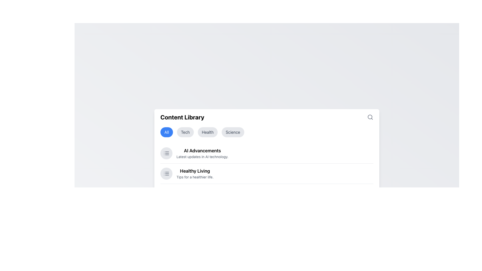 This screenshot has height=271, width=482. Describe the element at coordinates (185, 132) in the screenshot. I see `the 'Tech' button, which is a rounded rectangle label with a light gray background and gray text, positioned to the right of the 'All' label and to the left of the 'Health' label under the 'Content Library' heading` at that location.